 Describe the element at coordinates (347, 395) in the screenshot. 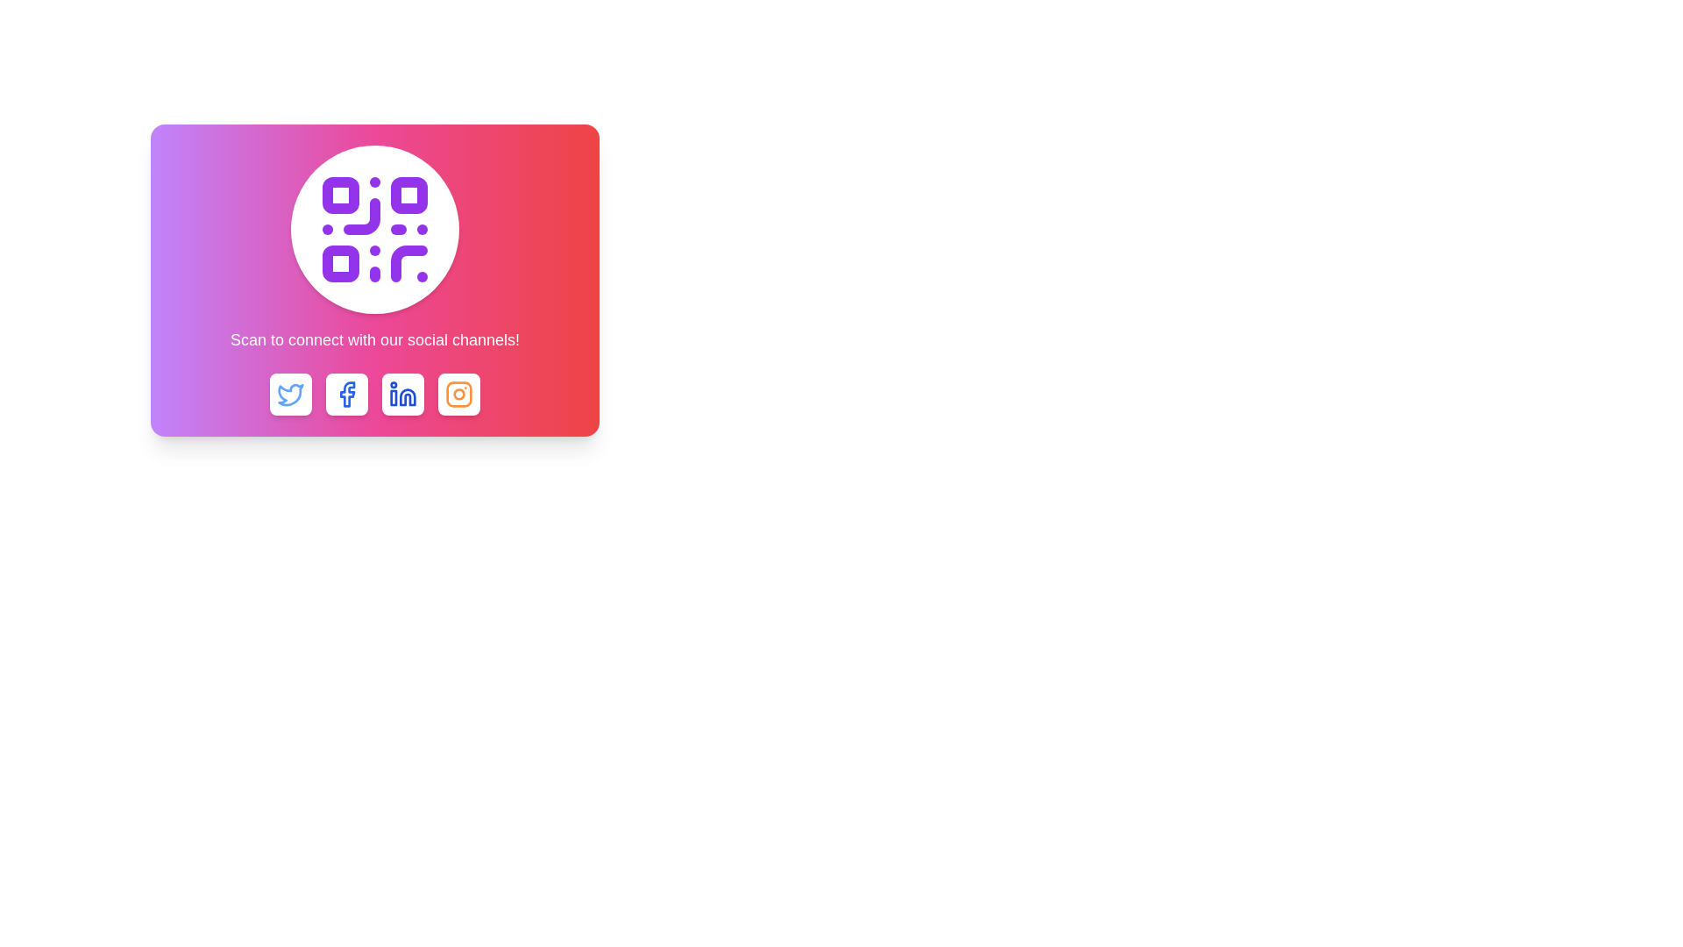

I see `the Facebook icon located as the third icon from the left in a horizontal arrangement of social media icons at the bottom of a card-like component` at that location.